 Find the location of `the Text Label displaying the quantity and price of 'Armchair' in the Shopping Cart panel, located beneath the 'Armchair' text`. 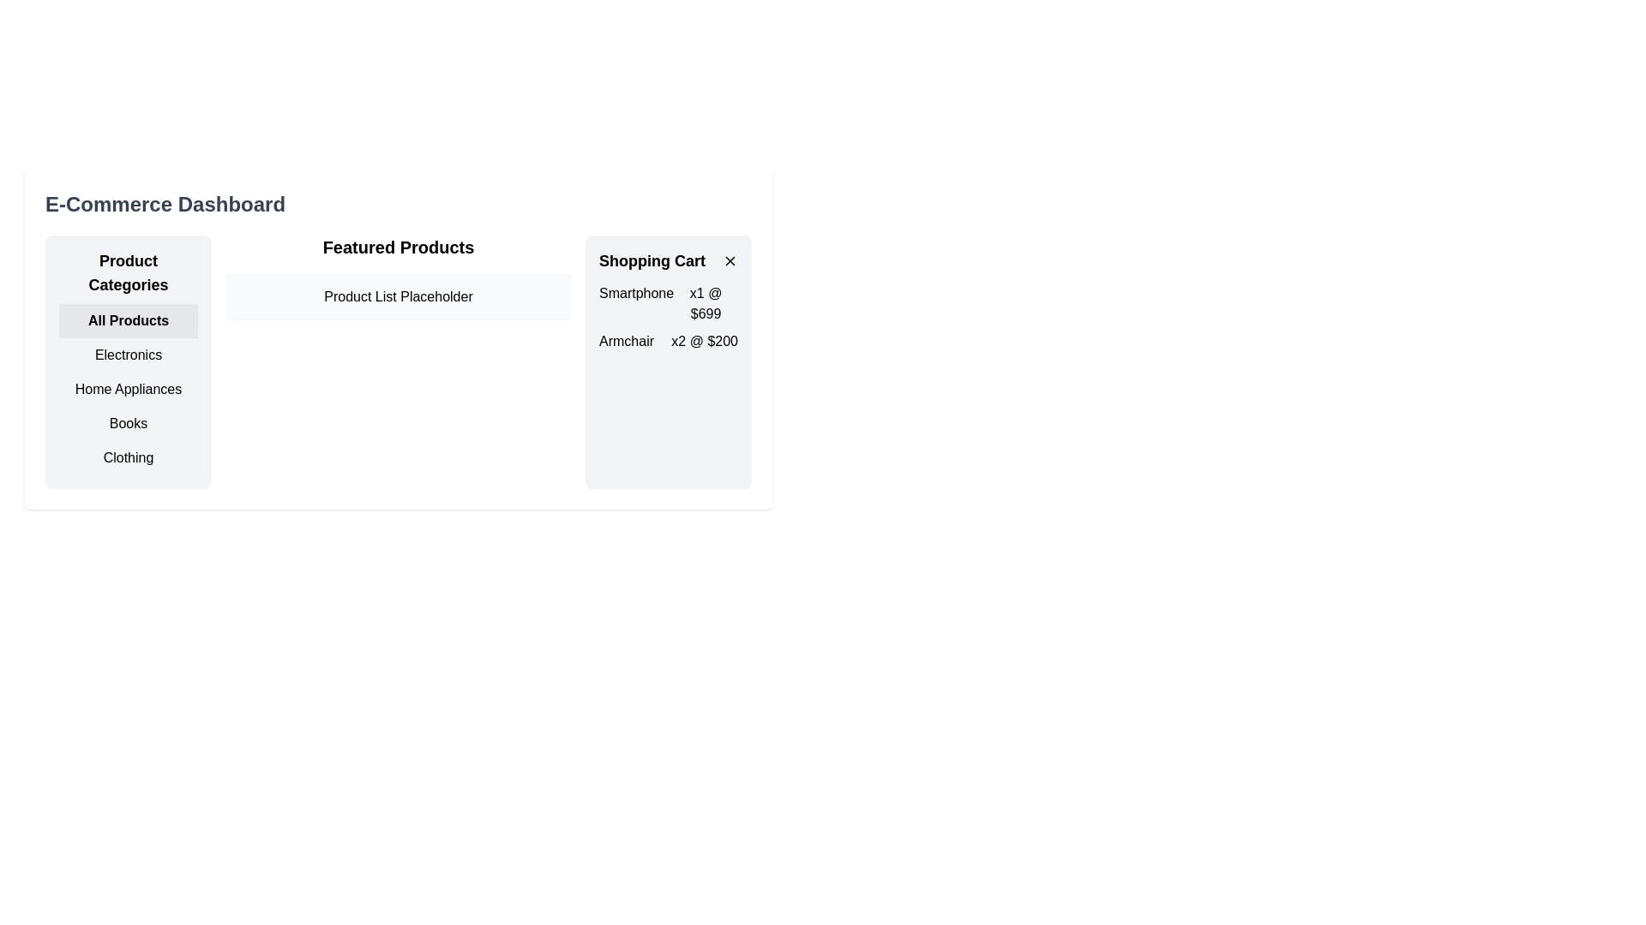

the Text Label displaying the quantity and price of 'Armchair' in the Shopping Cart panel, located beneath the 'Armchair' text is located at coordinates (705, 341).